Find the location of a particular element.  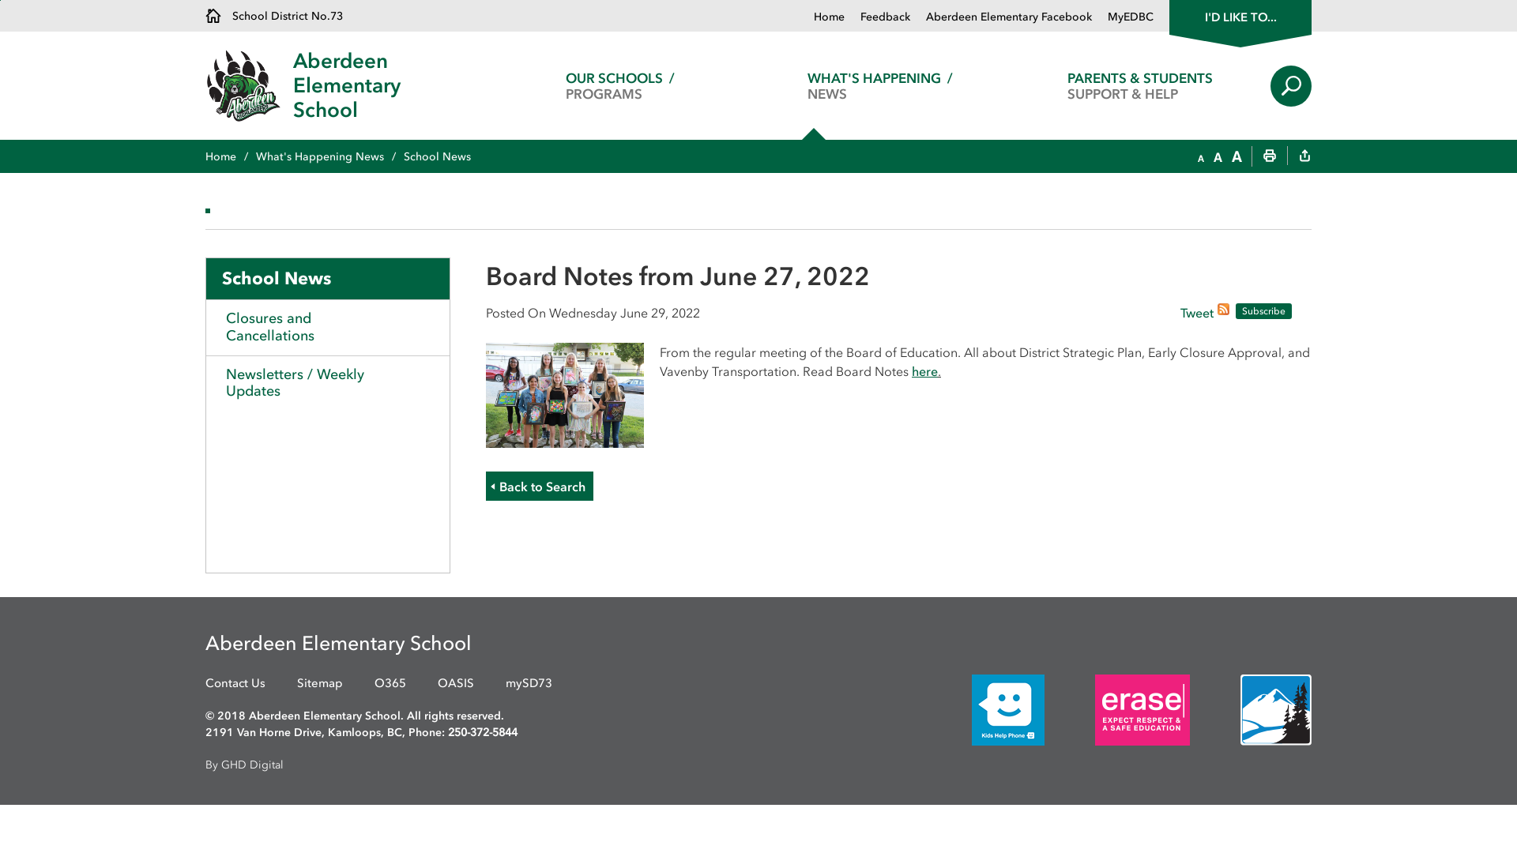

'here' is located at coordinates (924, 371).